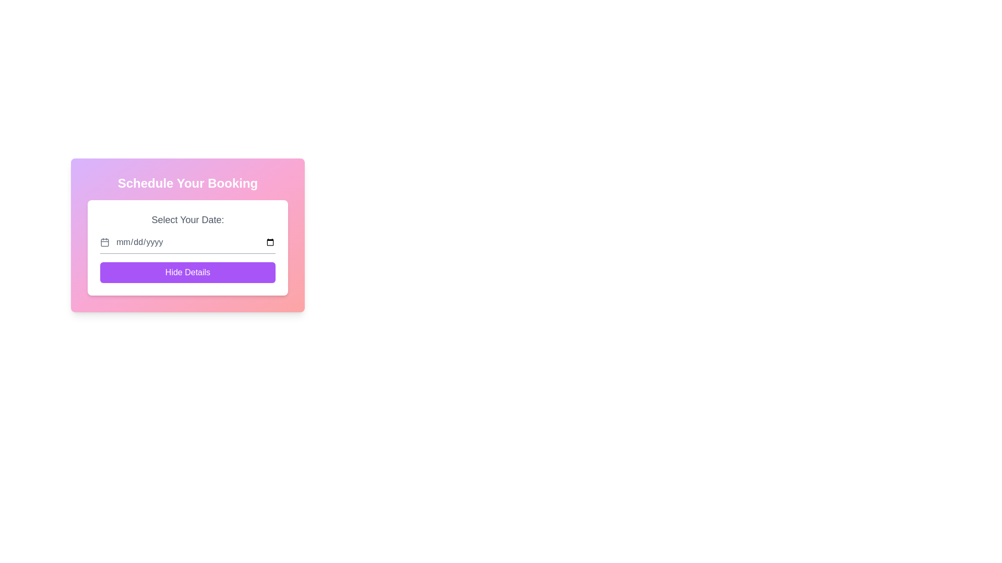 The image size is (1002, 563). I want to click on the 'Hide Details' button, which is a rounded rectangular button with a purple background and white text, located at the center bottom of the booking information box, so click(188, 272).